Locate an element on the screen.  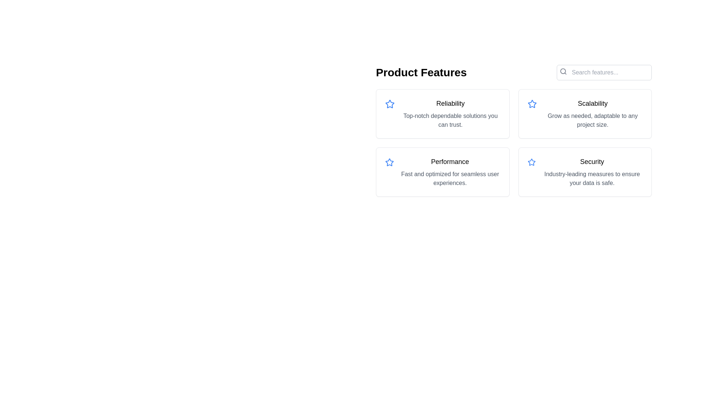
the 'Security' text label which is styled in bold and larger font, located at the top of a card in the bottom-right quadrant of a 2x2 grid layout is located at coordinates (592, 161).